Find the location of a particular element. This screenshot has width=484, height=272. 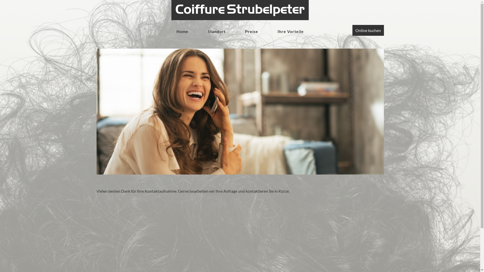

'Ihre Vorteile' is located at coordinates (290, 31).